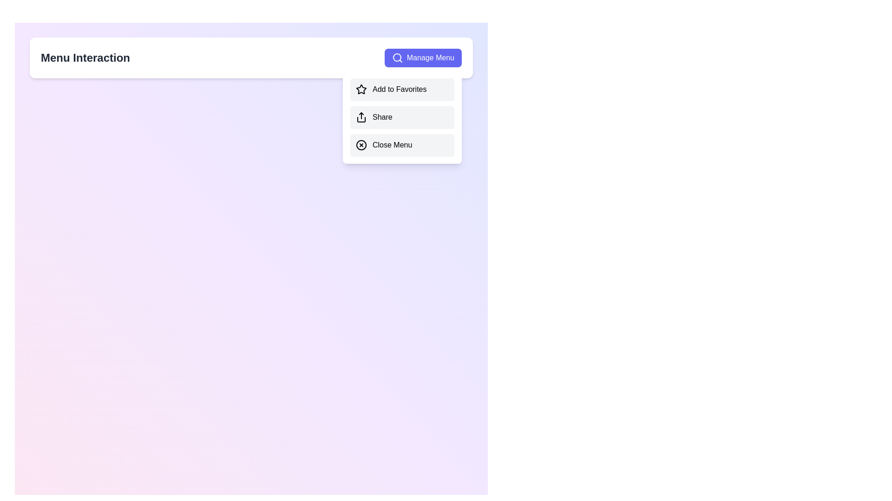 The width and height of the screenshot is (892, 501). I want to click on the static text label within the dropdown menu that represents the action to close the menu, located below the 'Add to Favorites' and 'Share' options, so click(392, 145).